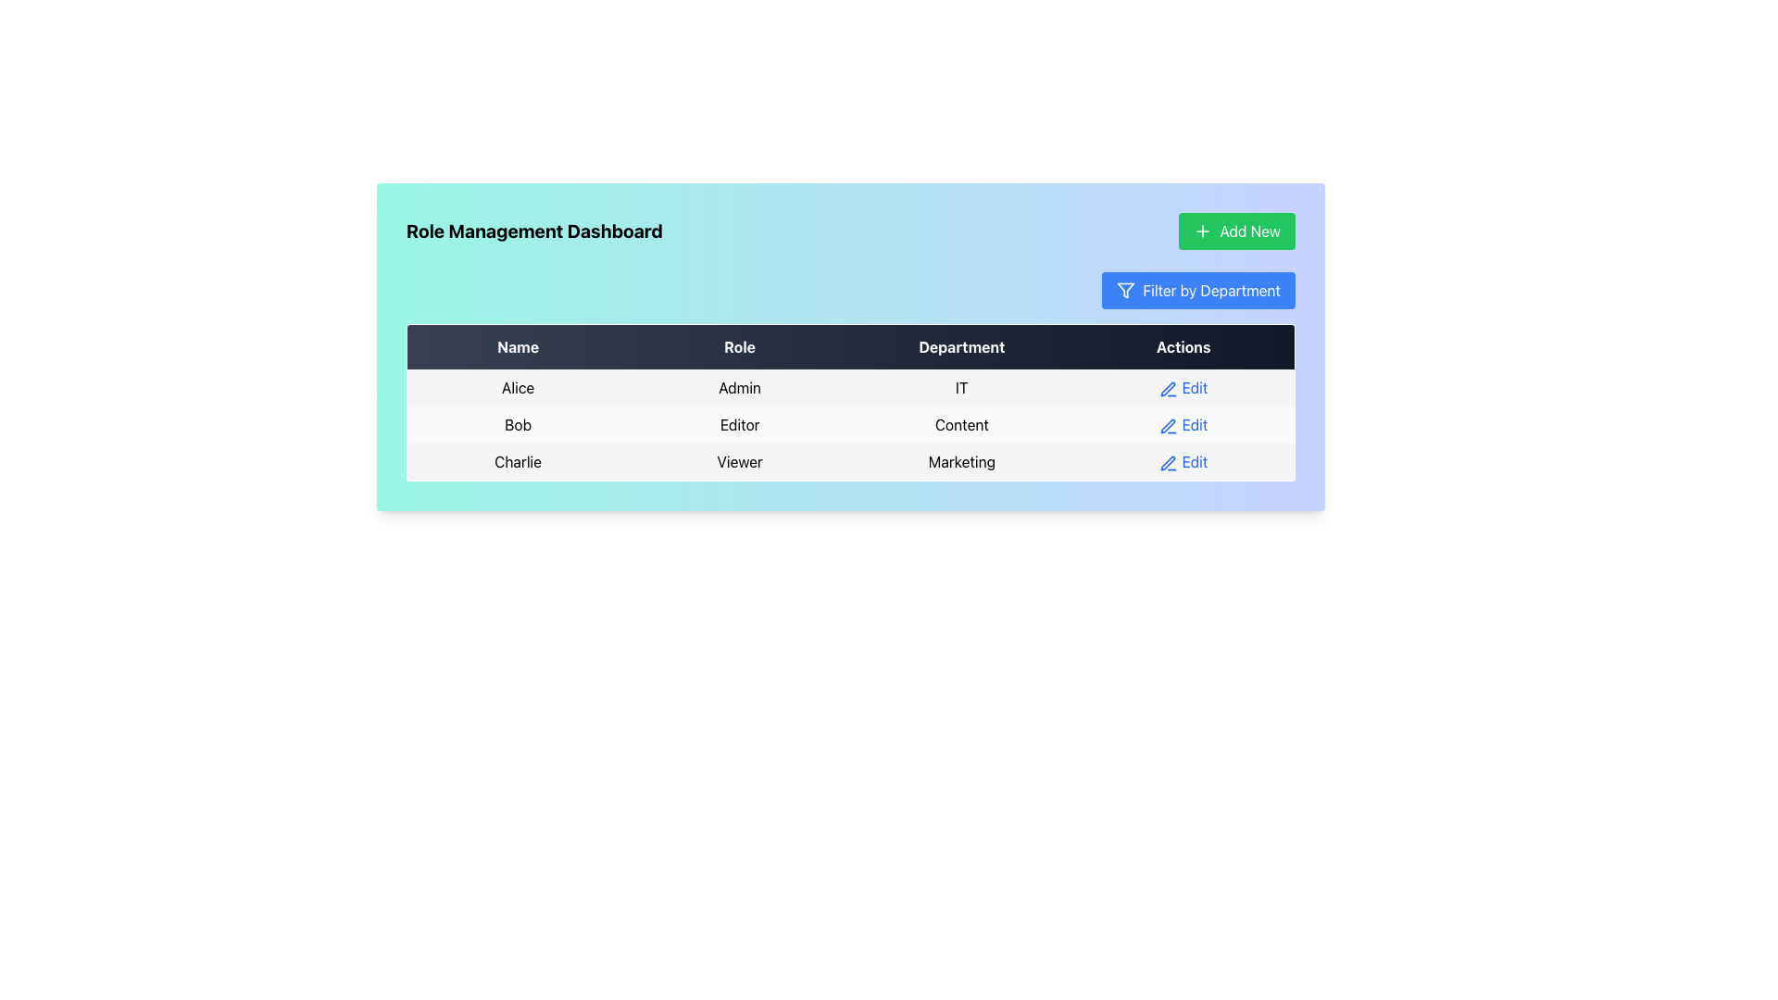 Image resolution: width=1778 pixels, height=1000 pixels. I want to click on the pen icon in the 'Actions' column, so click(1168, 462).